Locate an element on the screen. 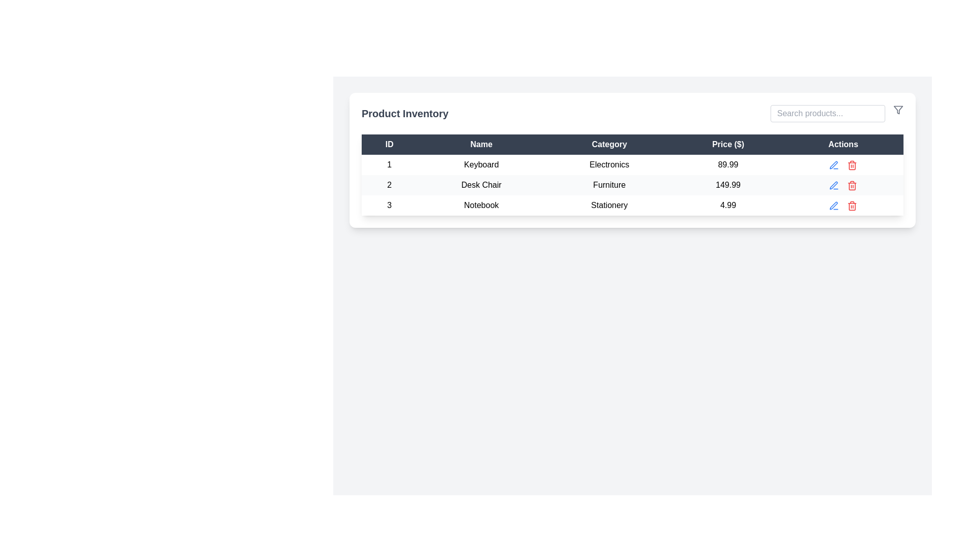  the static text label displaying 'Stationery' located in the third row under the 'Category' column of the table is located at coordinates (609, 205).